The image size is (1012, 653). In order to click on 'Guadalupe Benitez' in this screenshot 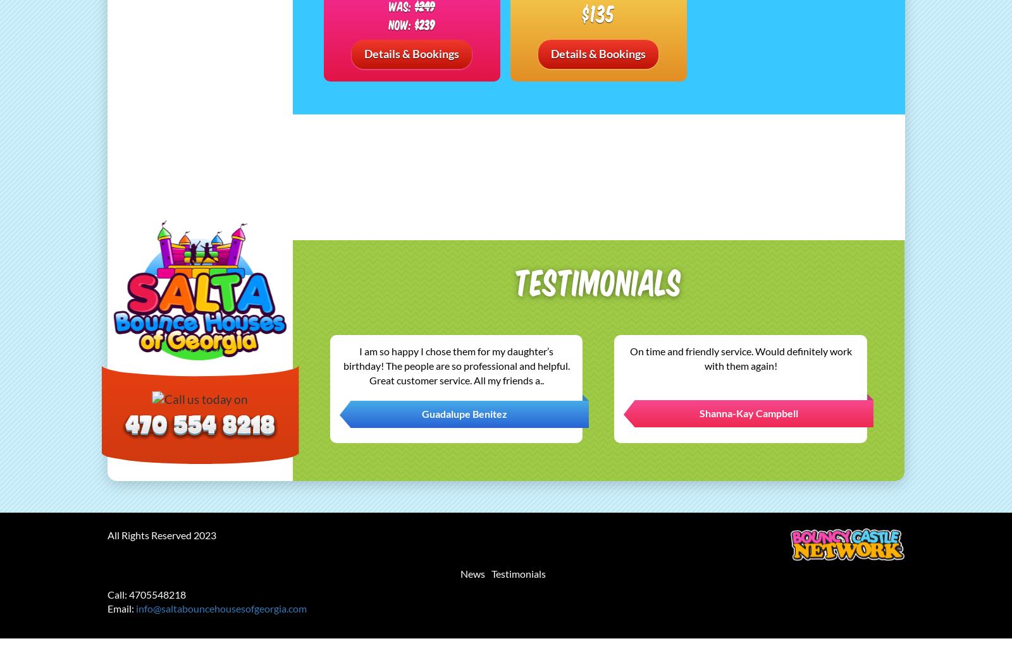, I will do `click(421, 412)`.